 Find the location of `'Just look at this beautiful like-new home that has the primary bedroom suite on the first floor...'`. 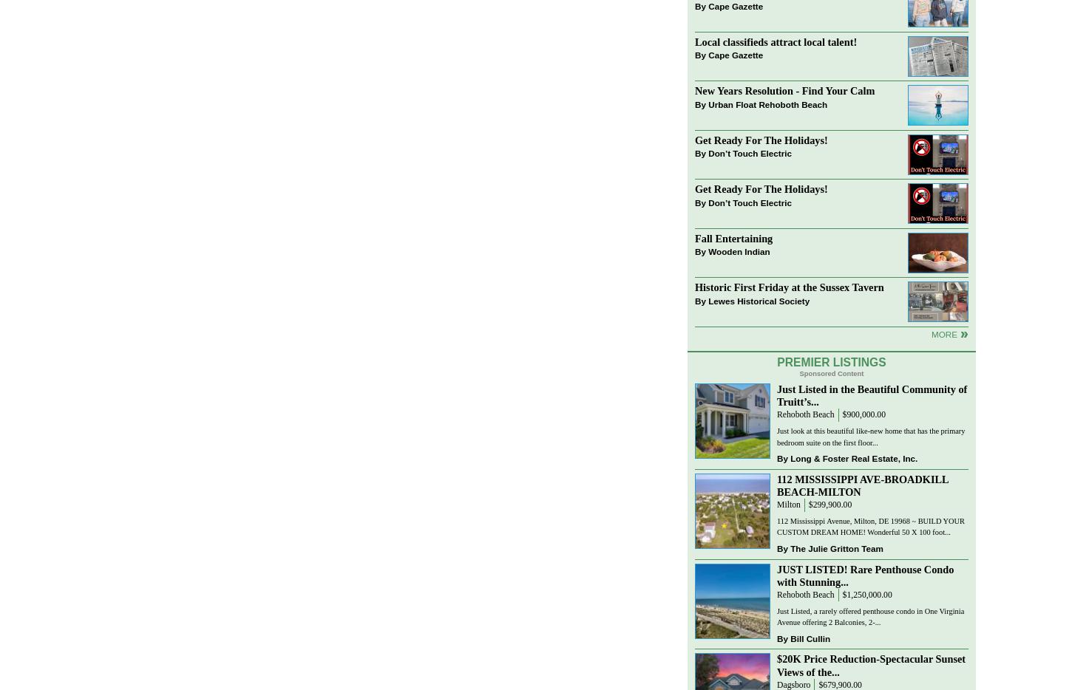

'Just look at this beautiful like-new home that has the primary bedroom suite on the first floor...' is located at coordinates (869, 436).